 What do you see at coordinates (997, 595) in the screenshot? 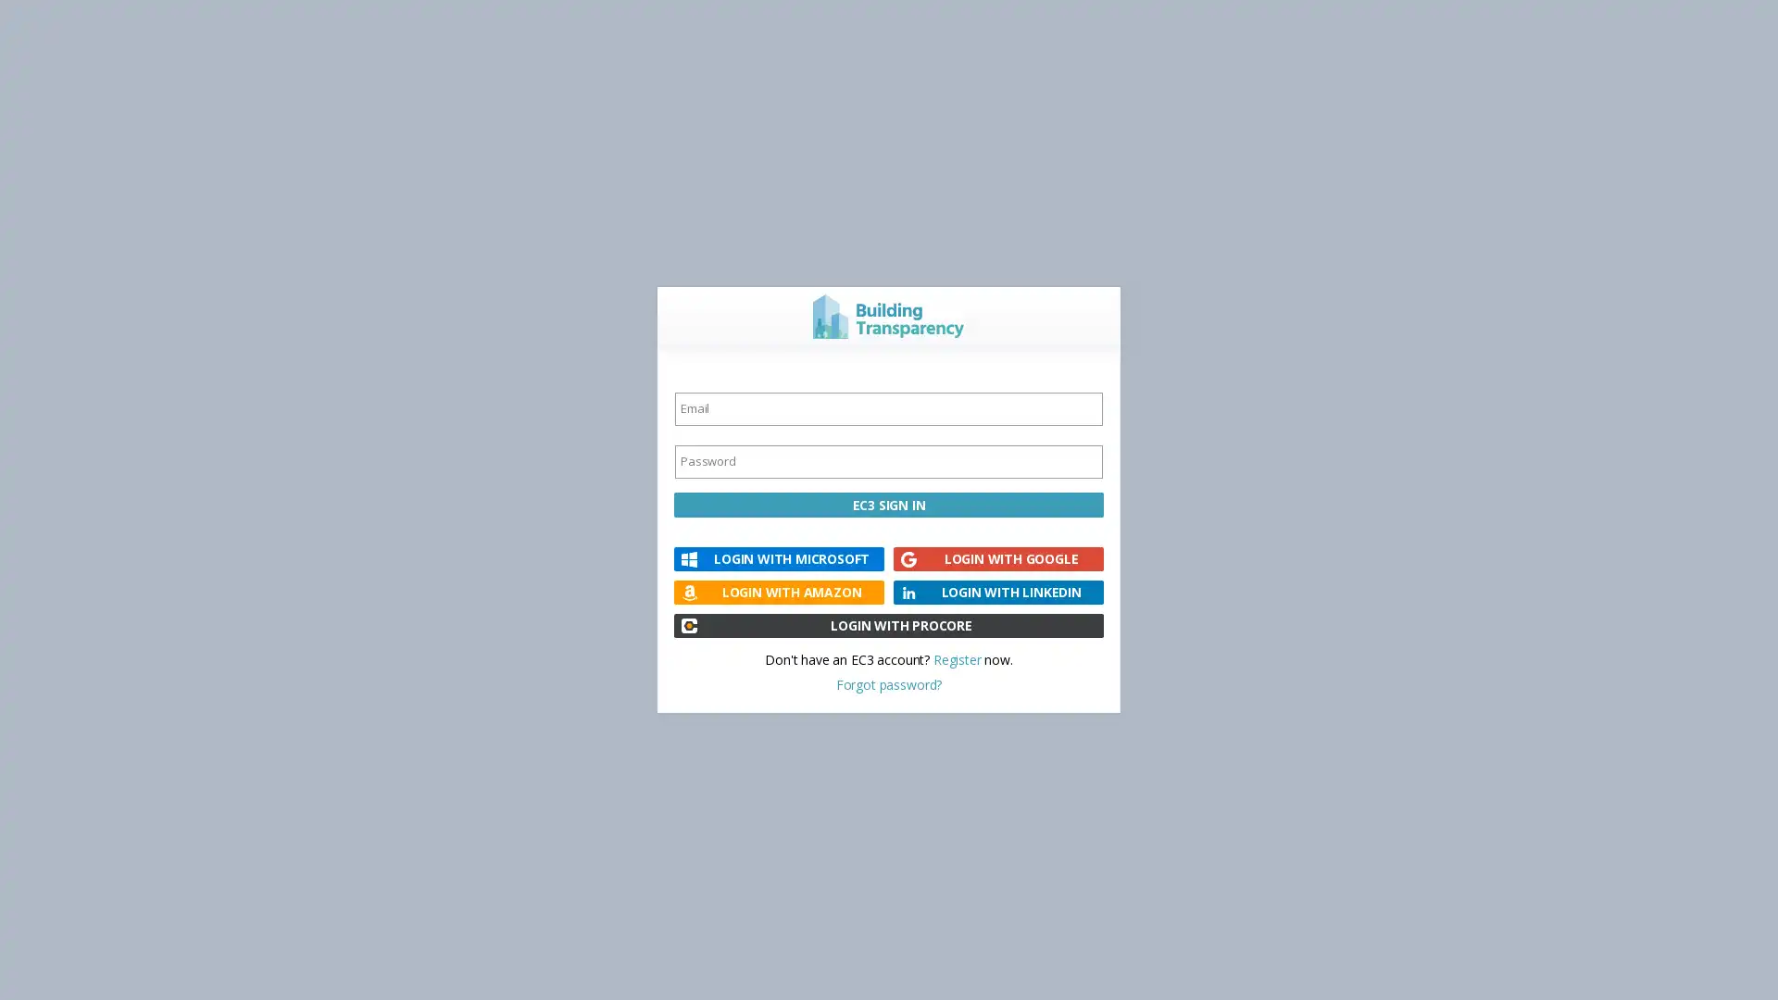
I see `LOGIN WITH LINKEDIN` at bounding box center [997, 595].